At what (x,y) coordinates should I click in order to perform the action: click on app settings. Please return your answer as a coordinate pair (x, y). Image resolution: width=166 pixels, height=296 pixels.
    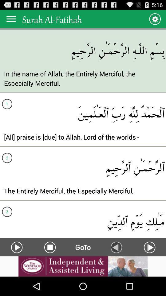
    Looking at the image, I should click on (154, 19).